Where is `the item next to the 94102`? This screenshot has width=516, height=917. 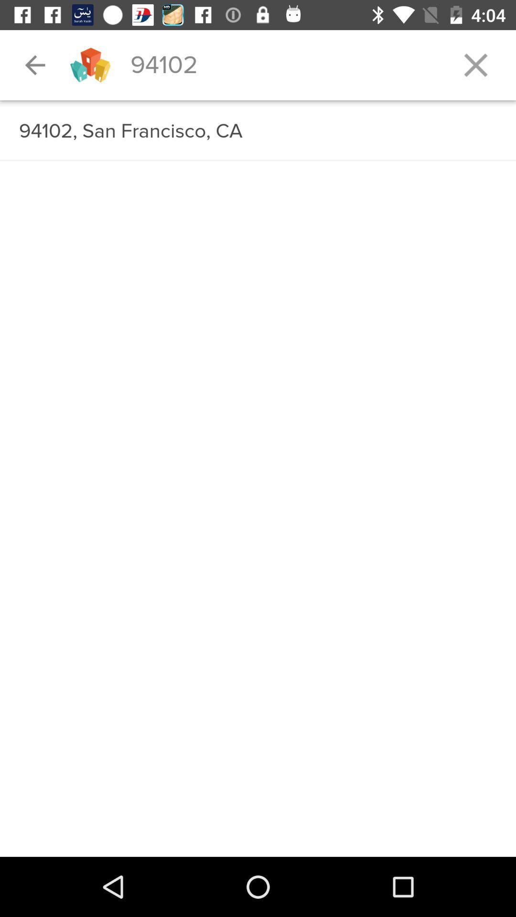
the item next to the 94102 is located at coordinates (475, 64).